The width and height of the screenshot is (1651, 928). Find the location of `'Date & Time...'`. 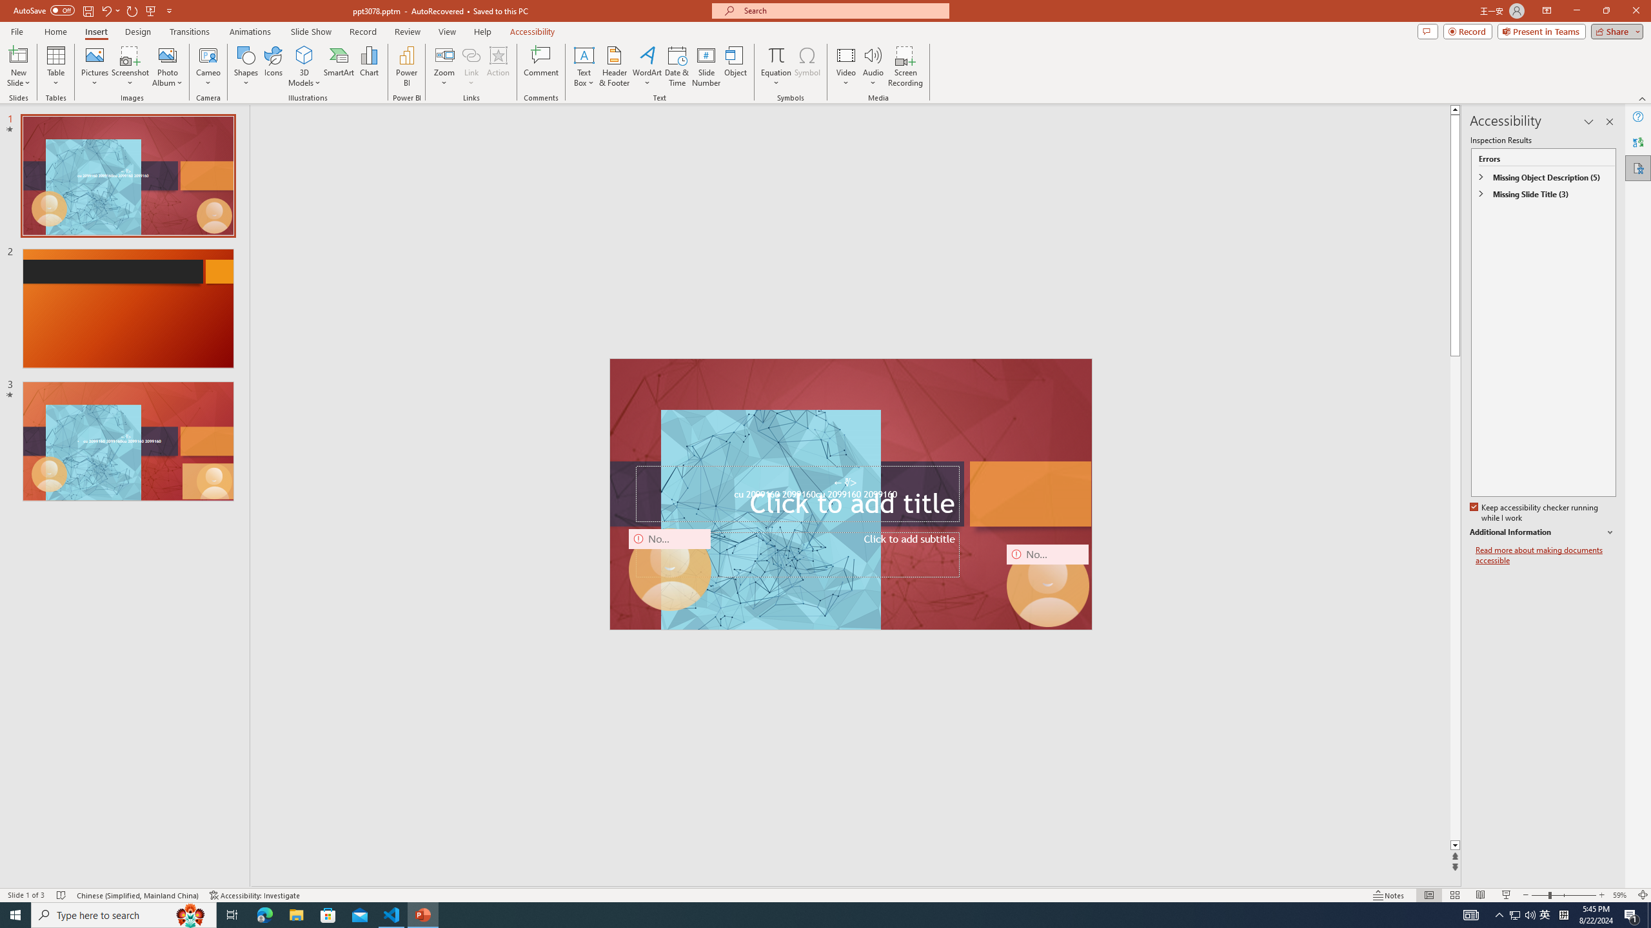

'Date & Time...' is located at coordinates (676, 66).